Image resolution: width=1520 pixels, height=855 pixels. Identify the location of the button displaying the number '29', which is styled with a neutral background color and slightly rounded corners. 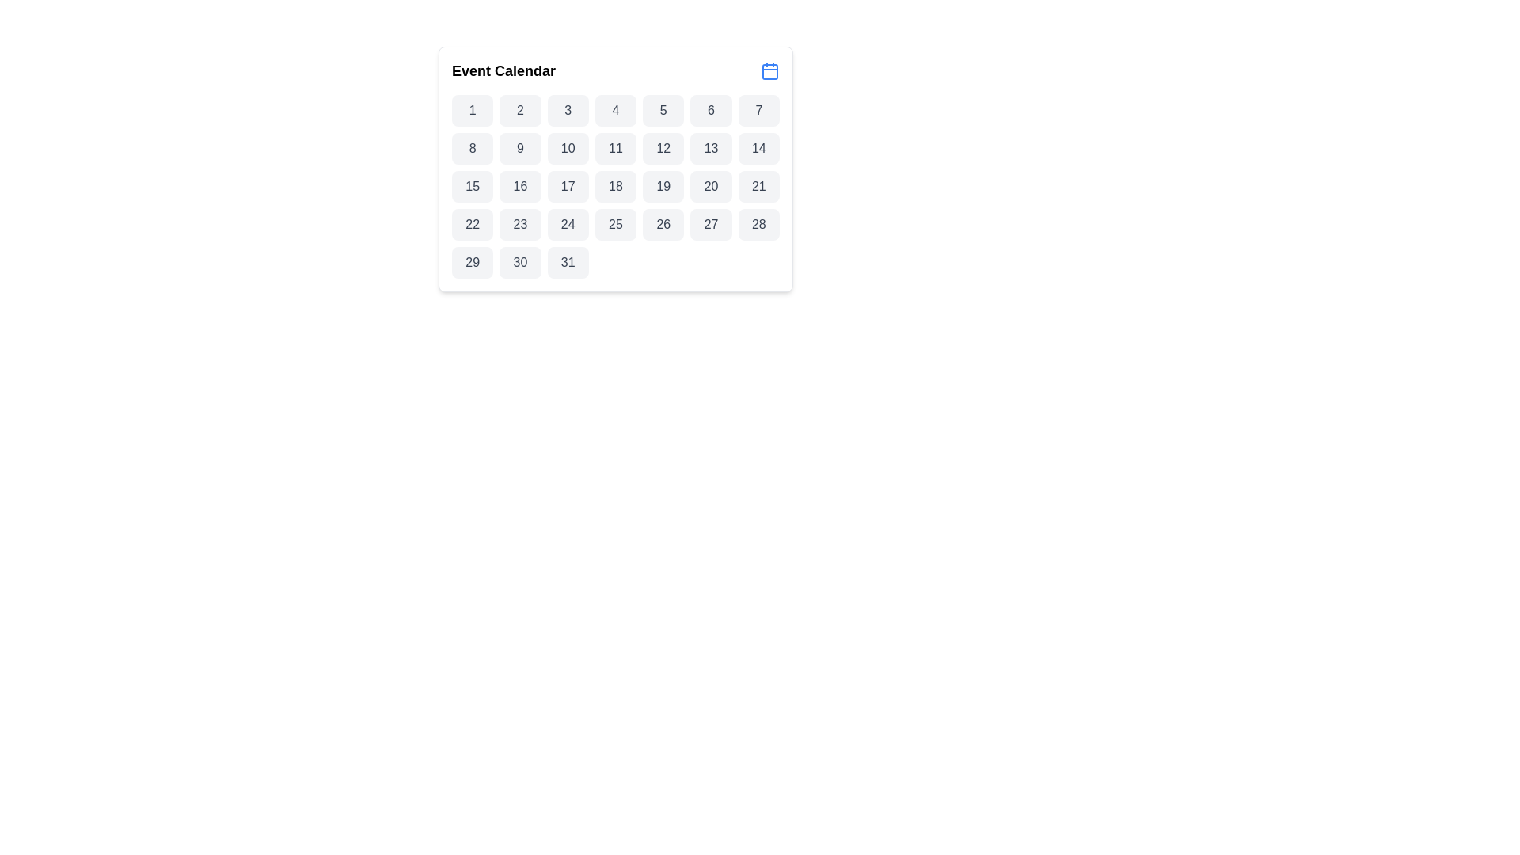
(472, 261).